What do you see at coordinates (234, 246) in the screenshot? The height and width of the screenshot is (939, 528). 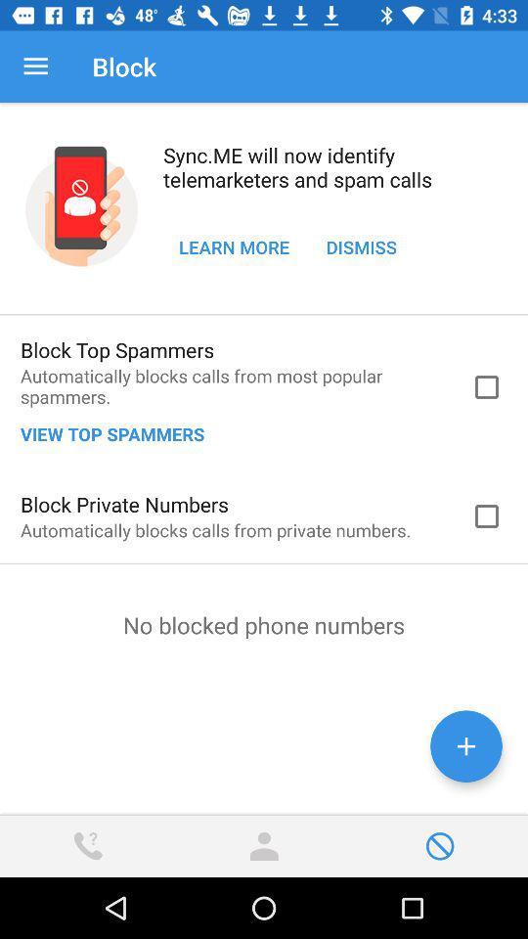 I see `the icon below sync me will` at bounding box center [234, 246].